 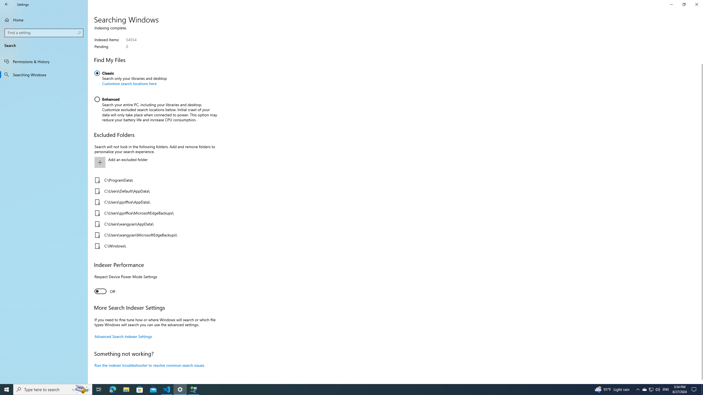 What do you see at coordinates (194, 389) in the screenshot?
I see `'Extensible Wizards Host Process - 1 running window'` at bounding box center [194, 389].